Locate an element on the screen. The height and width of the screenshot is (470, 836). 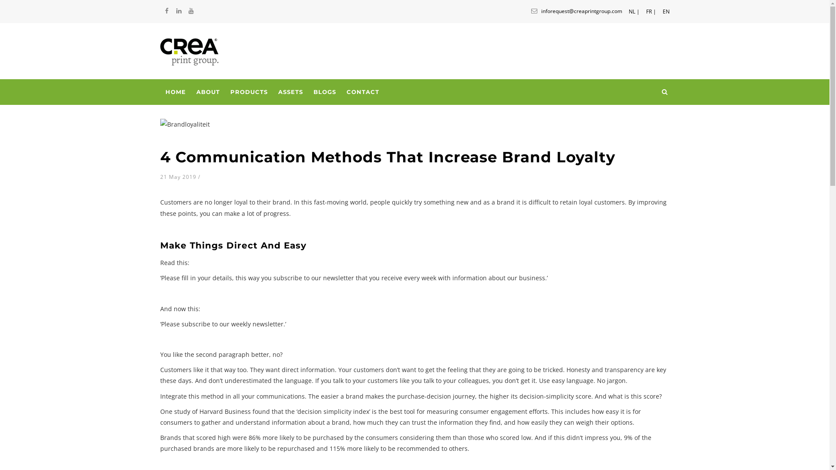
'CONTACT' is located at coordinates (346, 92).